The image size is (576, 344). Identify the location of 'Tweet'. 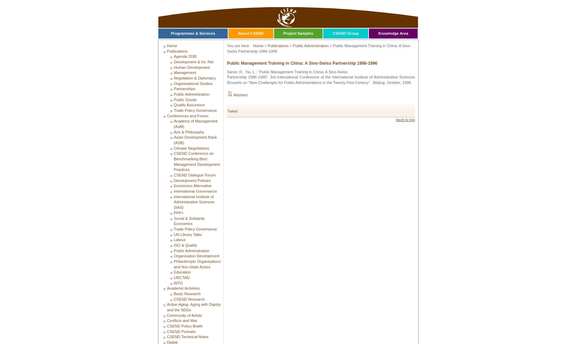
(232, 110).